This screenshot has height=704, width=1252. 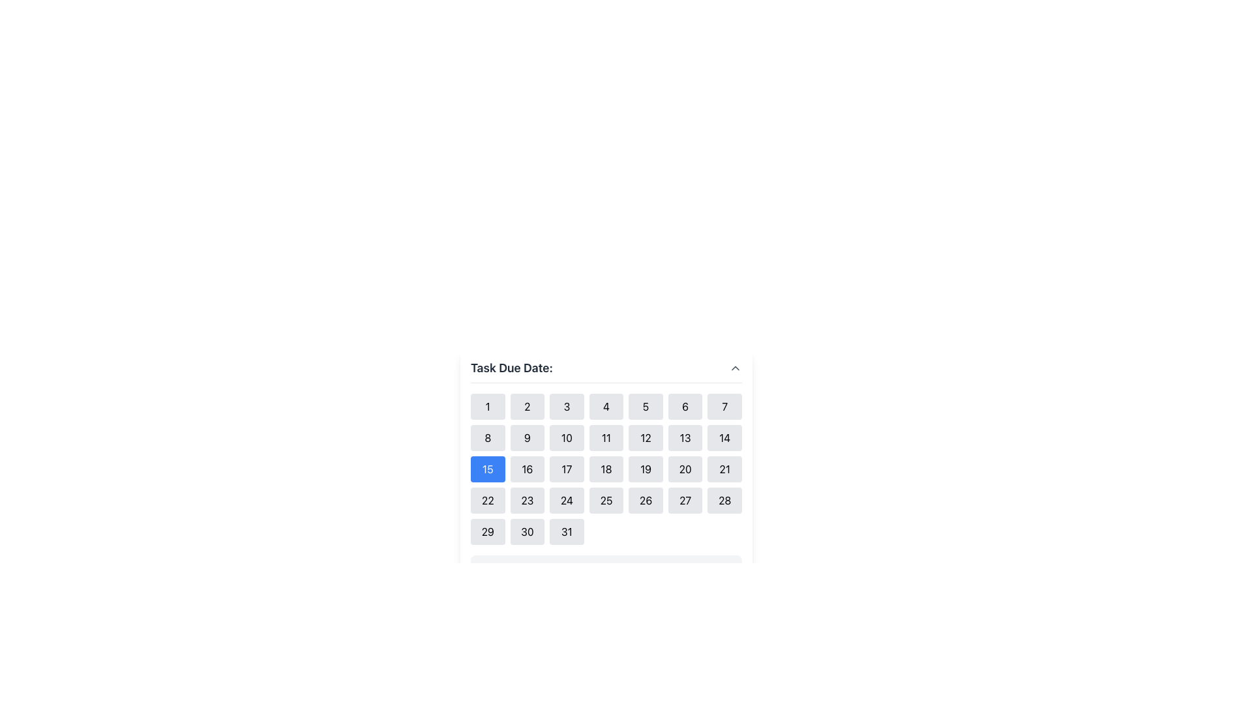 What do you see at coordinates (487, 469) in the screenshot?
I see `the blue button displaying the number '15' located in the third row, first column of the grid under 'Task Due Date:'` at bounding box center [487, 469].